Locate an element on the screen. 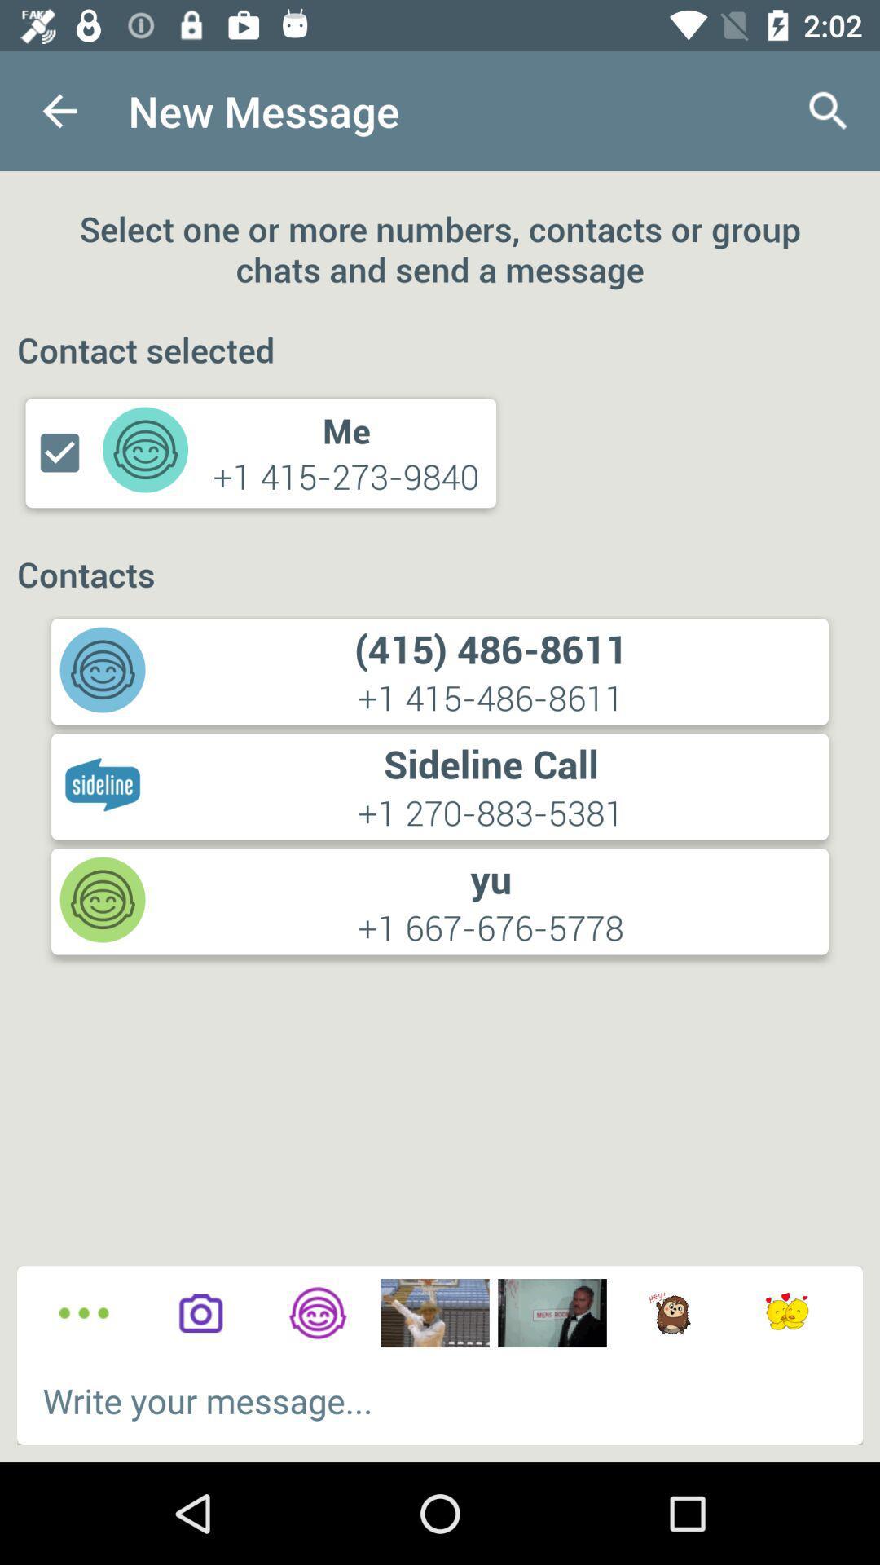 The height and width of the screenshot is (1565, 880). more informations is located at coordinates (84, 1313).